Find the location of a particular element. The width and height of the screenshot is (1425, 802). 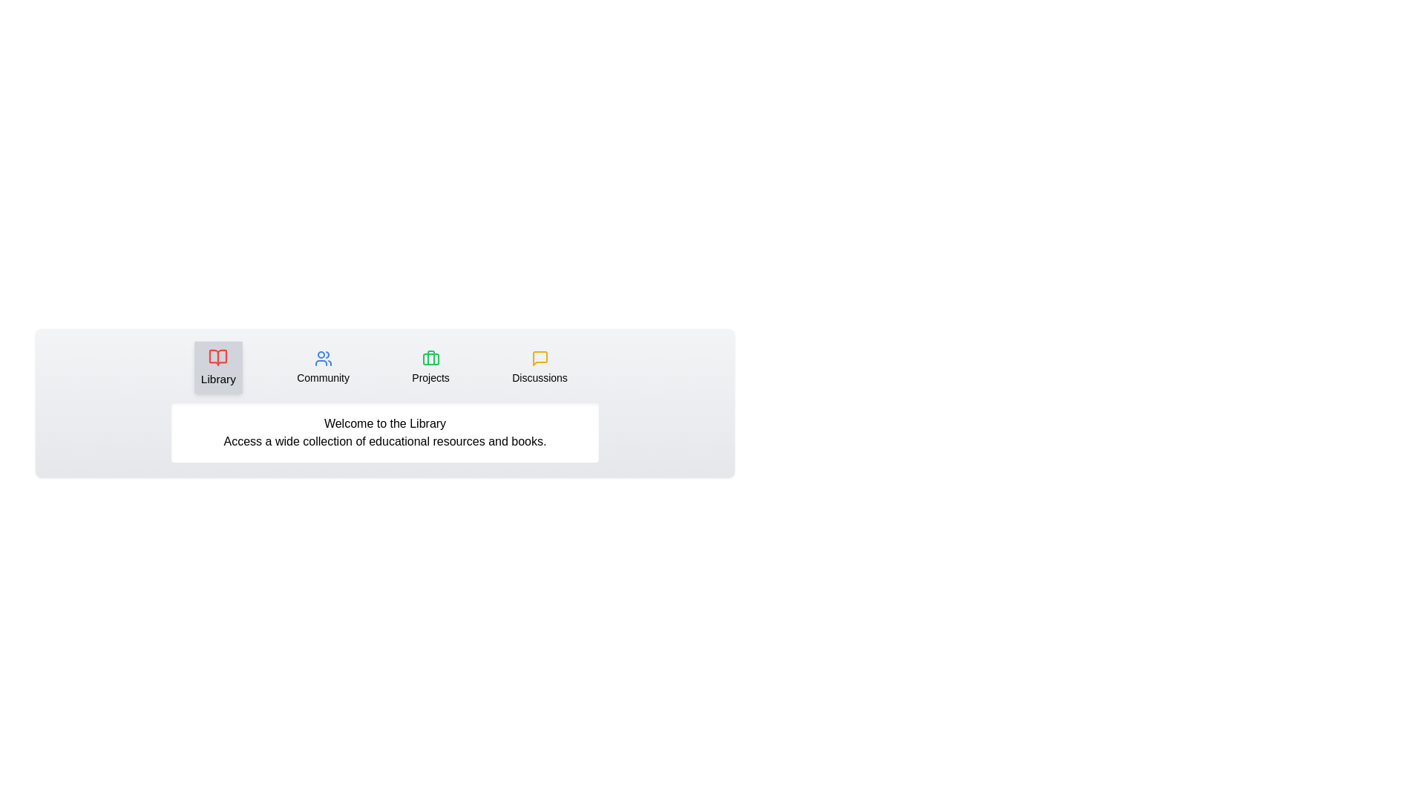

the green briefcase icon located above the 'Projects' text element for accessibility tools is located at coordinates (430, 358).